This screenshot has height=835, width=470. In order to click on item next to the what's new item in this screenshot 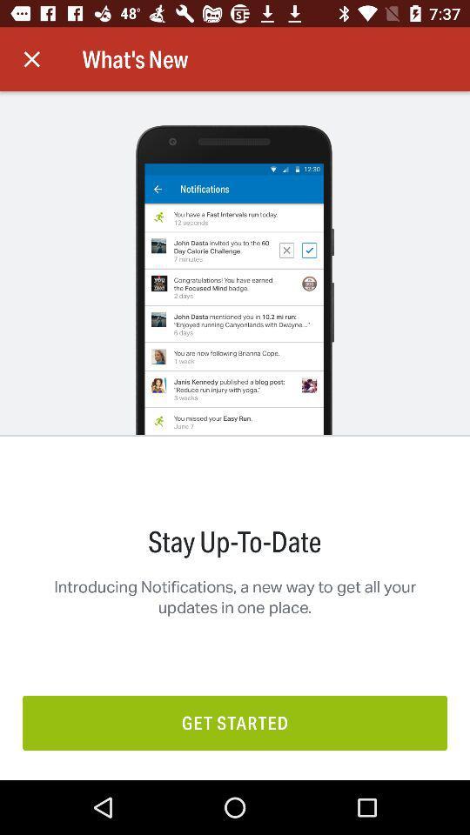, I will do `click(31, 59)`.